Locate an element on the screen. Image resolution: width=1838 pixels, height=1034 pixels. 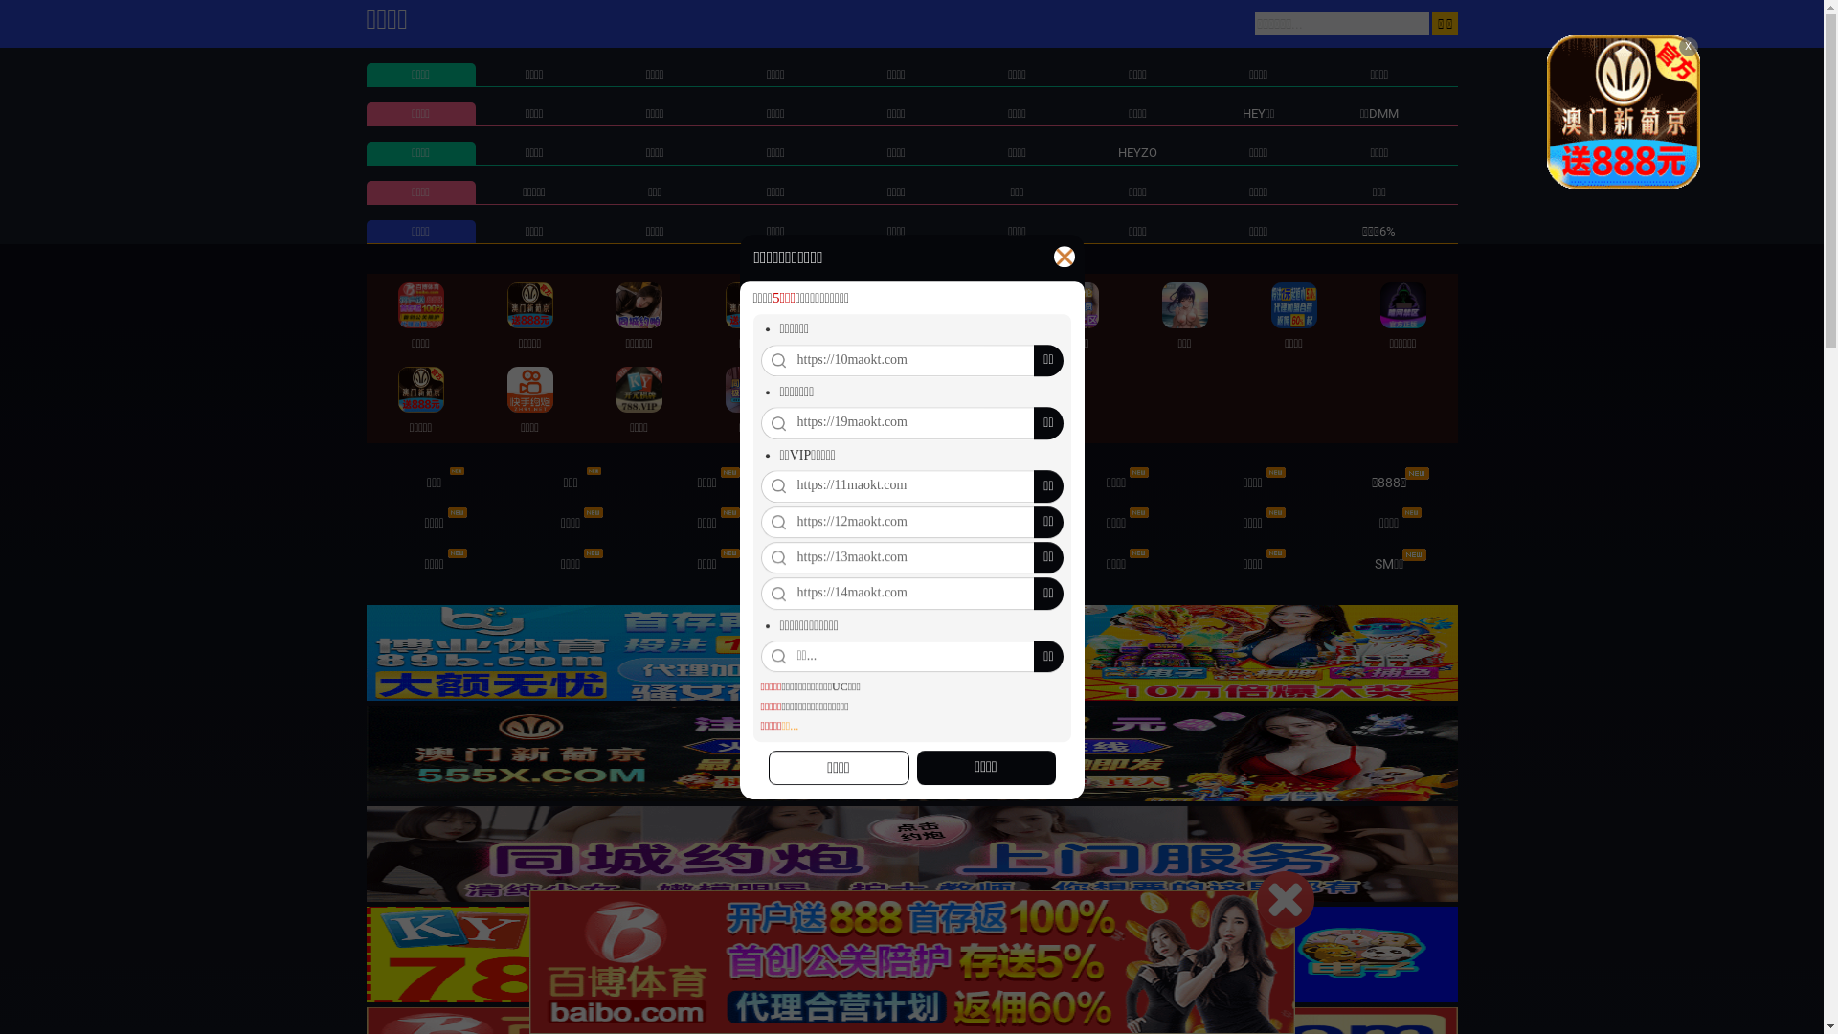
'HEYZO' is located at coordinates (1137, 151).